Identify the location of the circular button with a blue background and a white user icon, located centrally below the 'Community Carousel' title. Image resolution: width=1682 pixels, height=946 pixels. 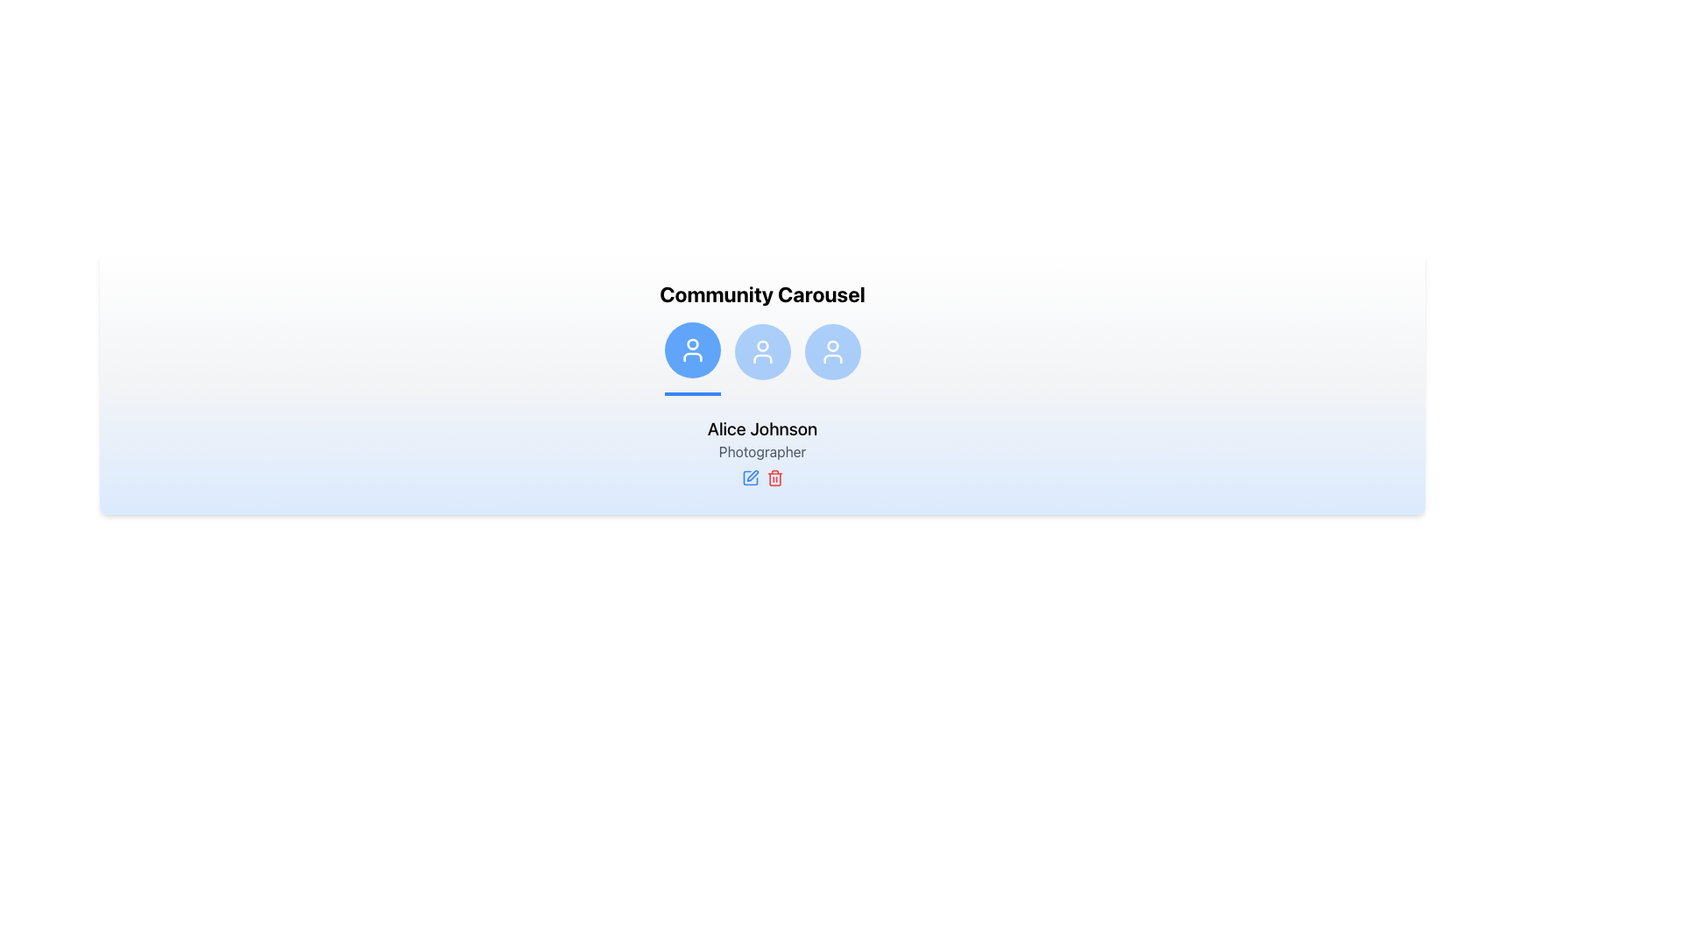
(762, 351).